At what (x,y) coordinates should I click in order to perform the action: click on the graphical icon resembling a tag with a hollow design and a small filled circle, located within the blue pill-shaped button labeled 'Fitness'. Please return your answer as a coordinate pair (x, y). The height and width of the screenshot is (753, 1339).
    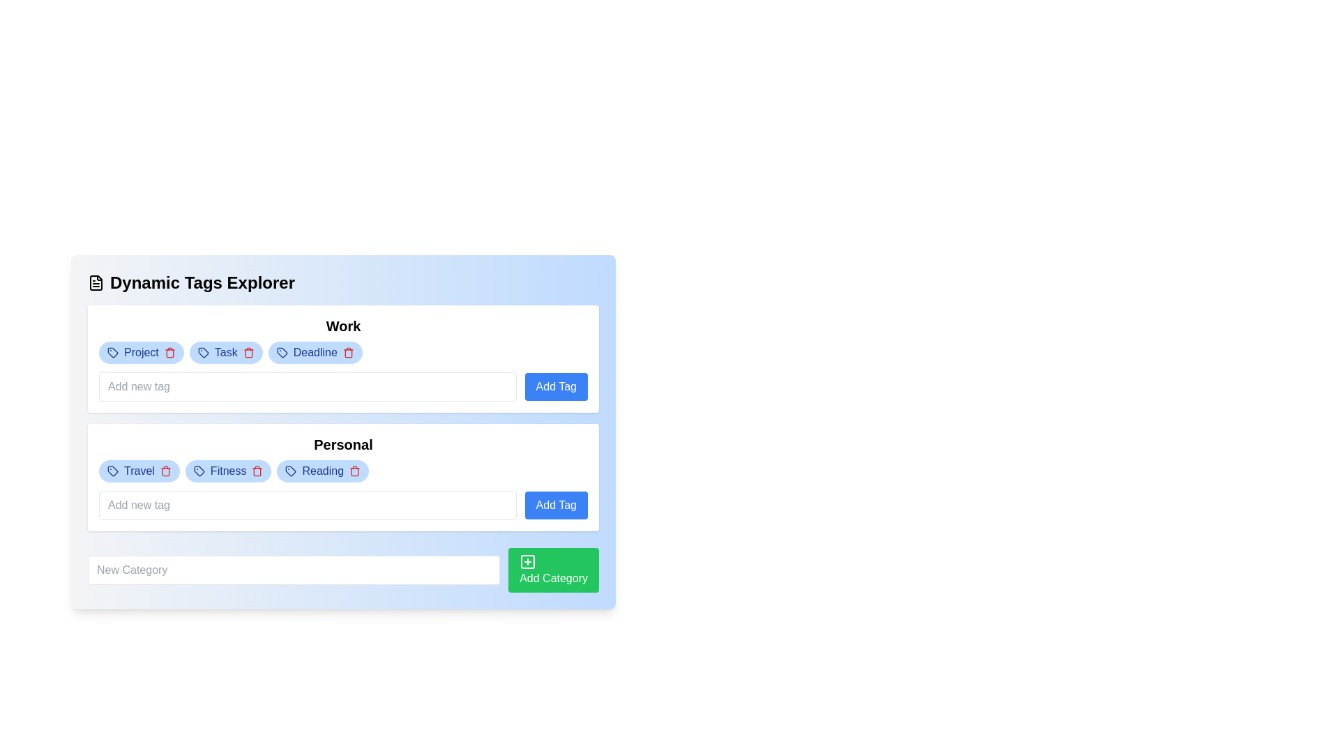
    Looking at the image, I should click on (198, 471).